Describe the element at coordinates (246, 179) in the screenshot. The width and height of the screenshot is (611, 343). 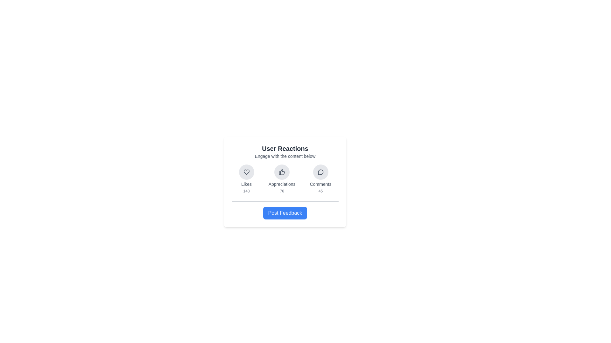
I see `the 'Likes' button-like icon displaying the count of likes` at that location.